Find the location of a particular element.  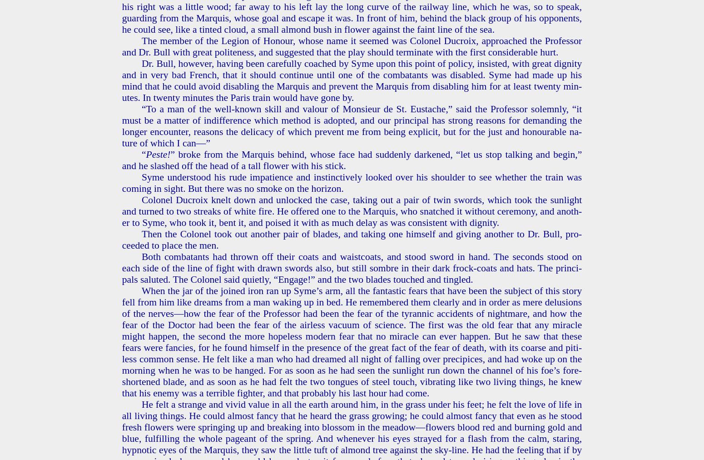

'“To a man of the well-known skill and val­our of Mon­sieur de St. Eu­stache,” said the Pro­fes­sor solemn­ly, “it must be a mat­ter of in­dif­fer­ence which method is adopt­ed, and our prin­ci­pal has strong rea­sons for de­mand­ing the longer en­counter, rea­sons the del­i­ca­cy of which pre­vent me from being ex­plic­it, but for the just and ho­n­ourable na­ture of which I can—”' is located at coordinates (352, 125).